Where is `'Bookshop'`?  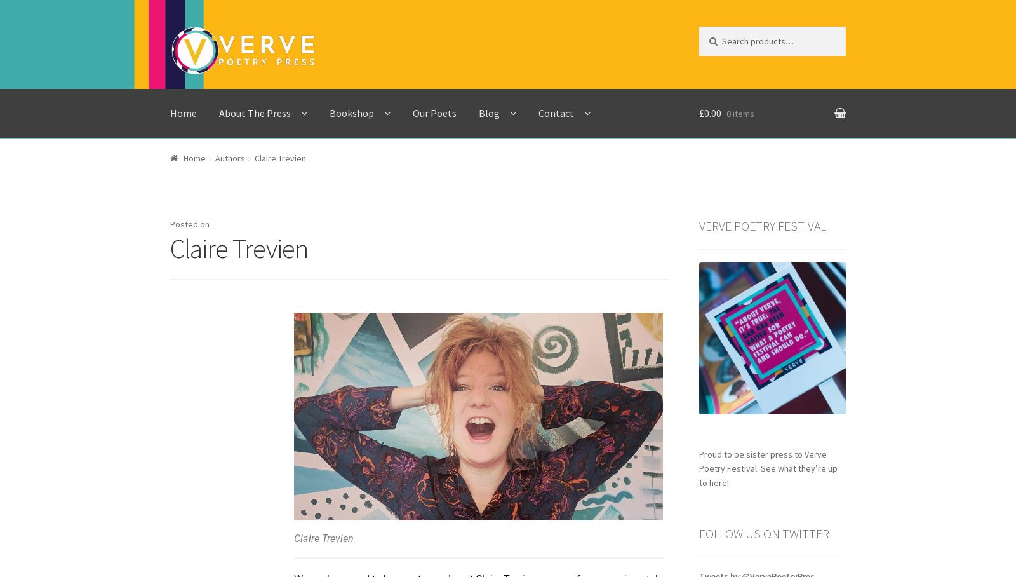
'Bookshop' is located at coordinates (351, 111).